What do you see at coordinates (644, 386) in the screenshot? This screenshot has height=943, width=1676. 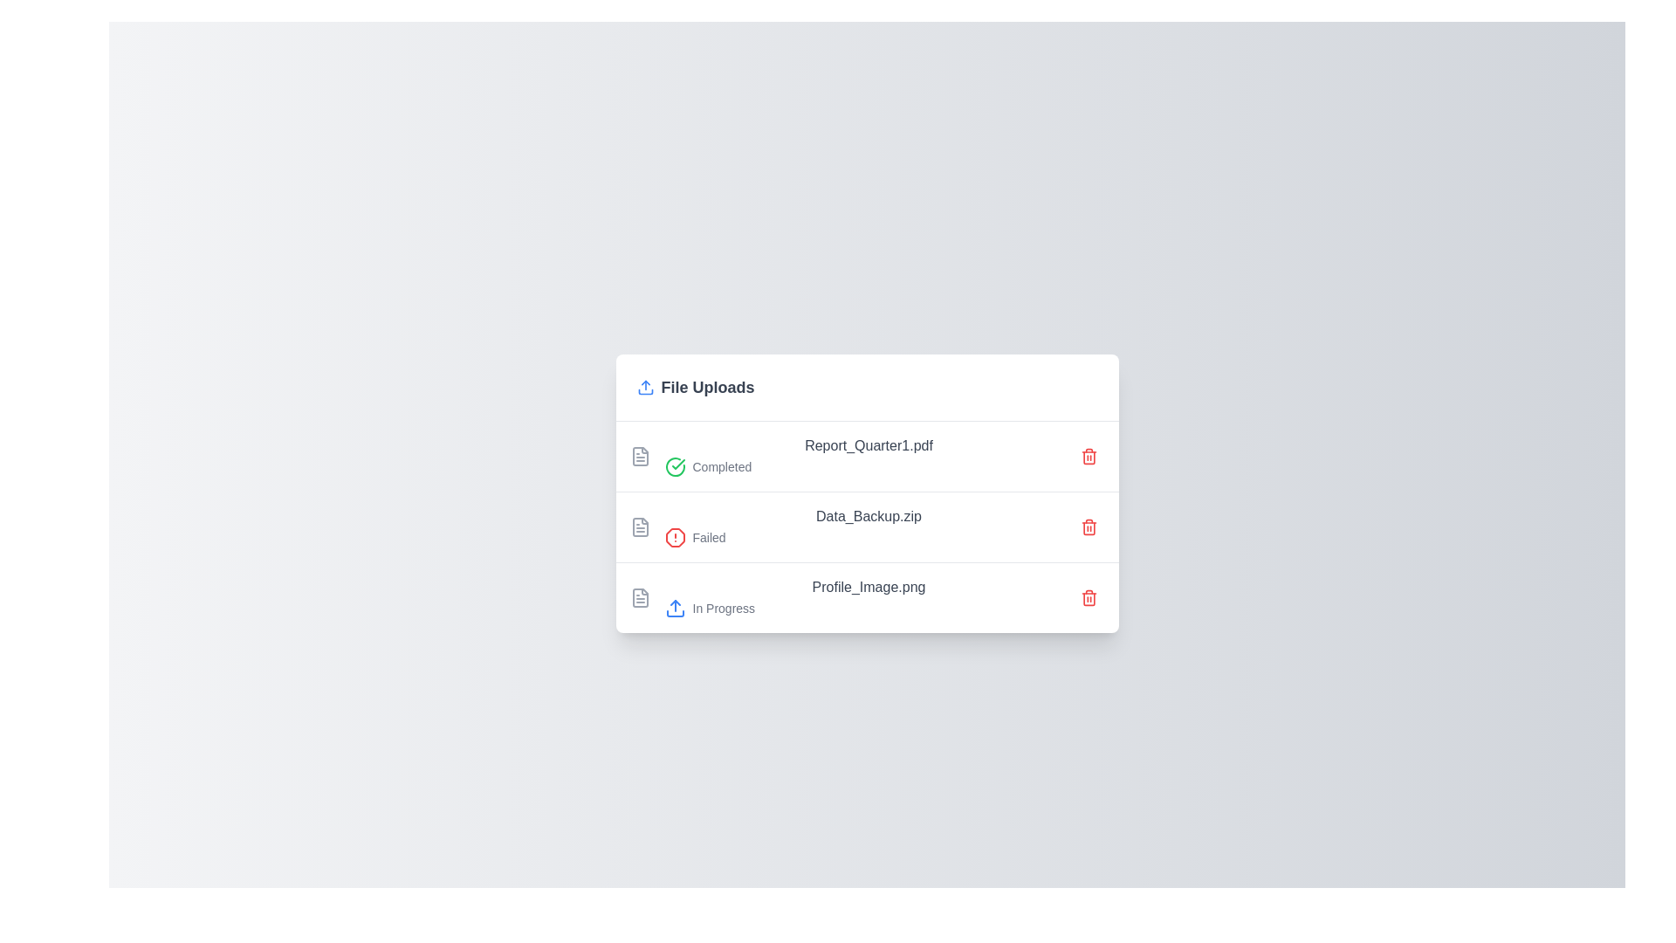 I see `the blue upward arrow icon located at the leftmost part of the 'File Uploads' header section, adjacent to its descriptive text` at bounding box center [644, 386].